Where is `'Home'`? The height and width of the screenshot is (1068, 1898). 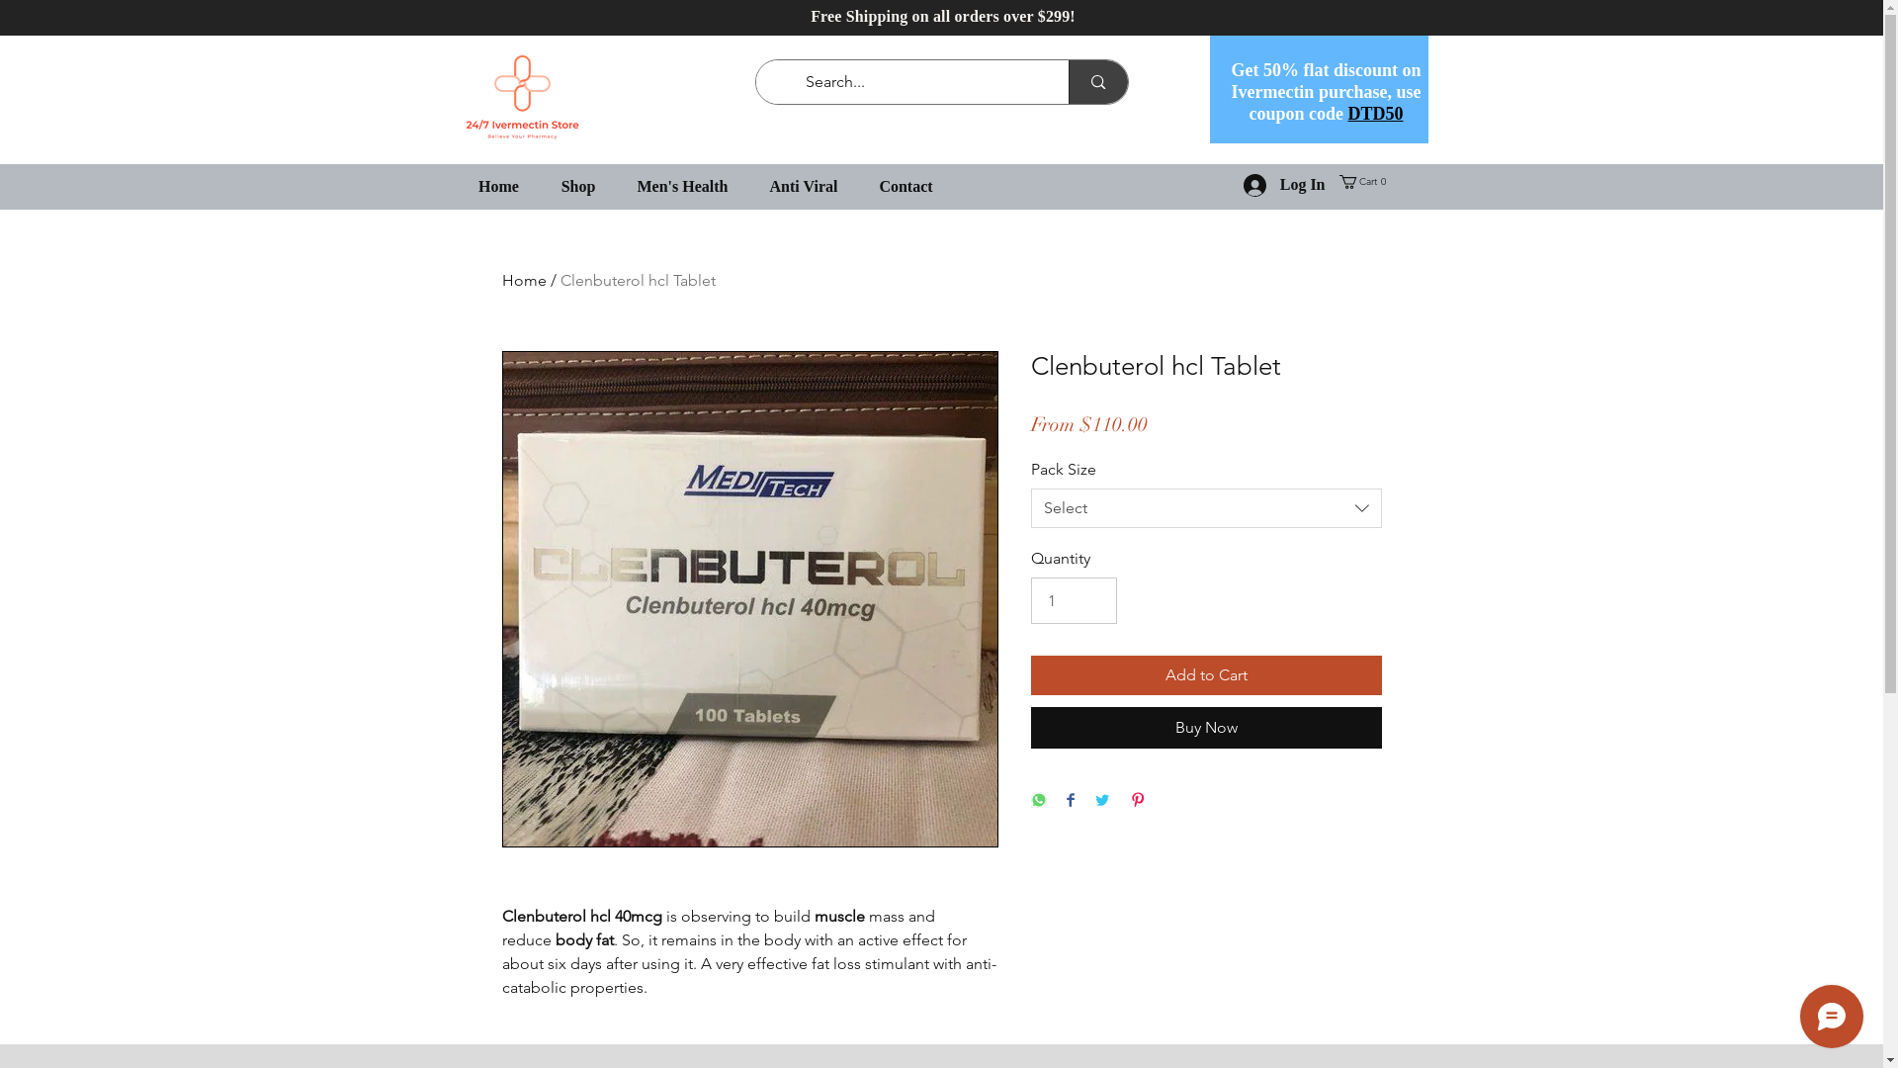
'Home' is located at coordinates (524, 280).